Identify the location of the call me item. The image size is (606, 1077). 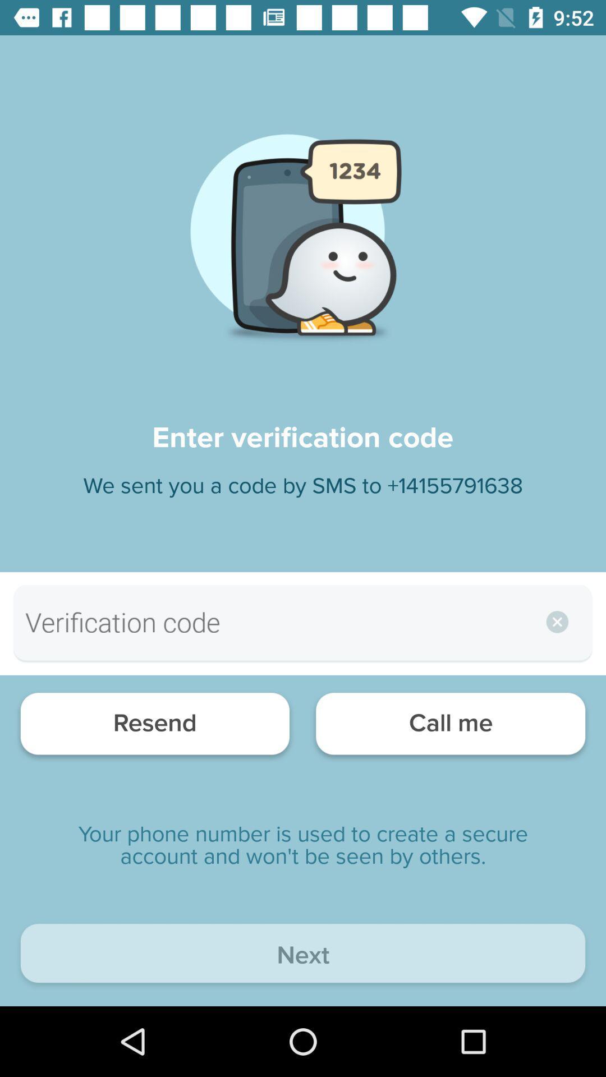
(450, 726).